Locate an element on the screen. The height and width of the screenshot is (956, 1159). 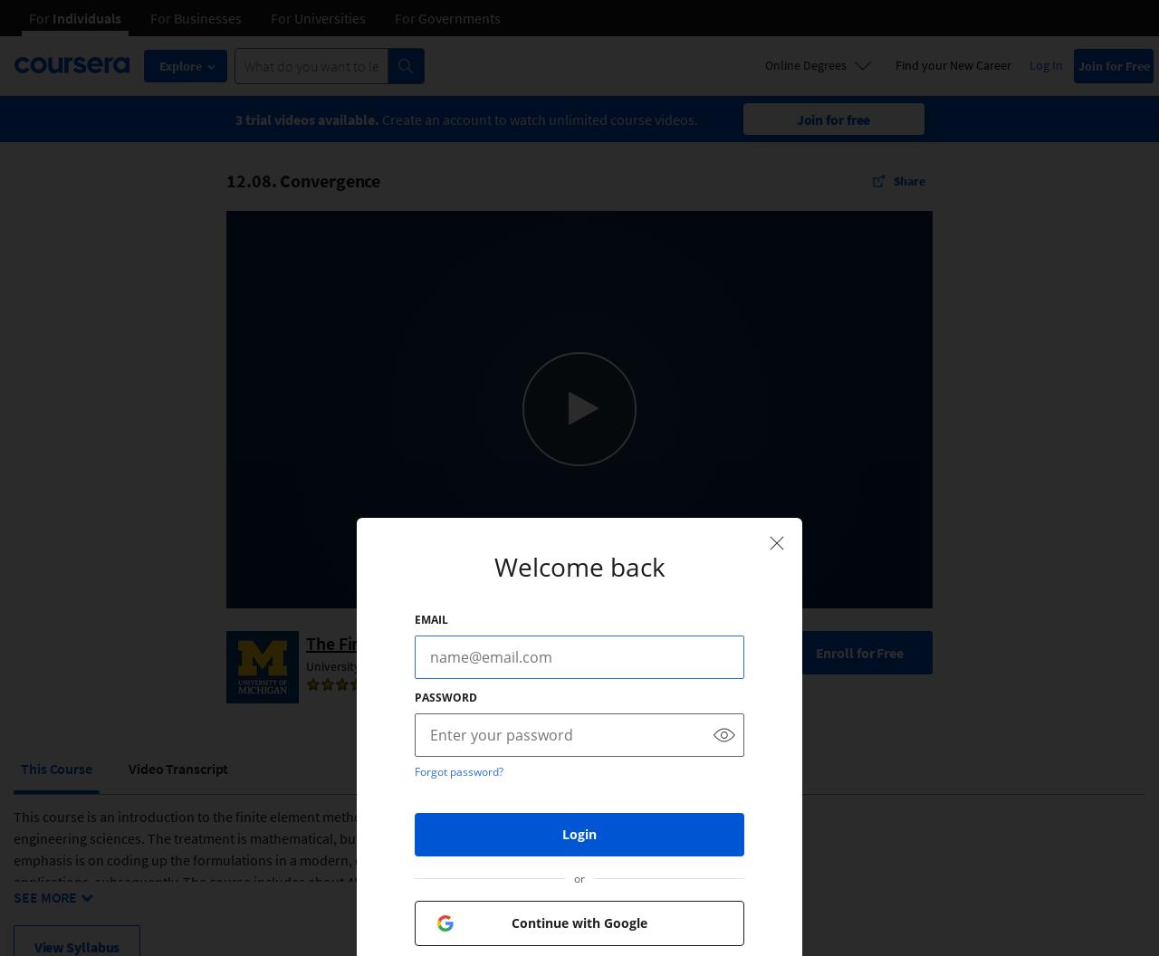
'Continue with Google' is located at coordinates (579, 922).